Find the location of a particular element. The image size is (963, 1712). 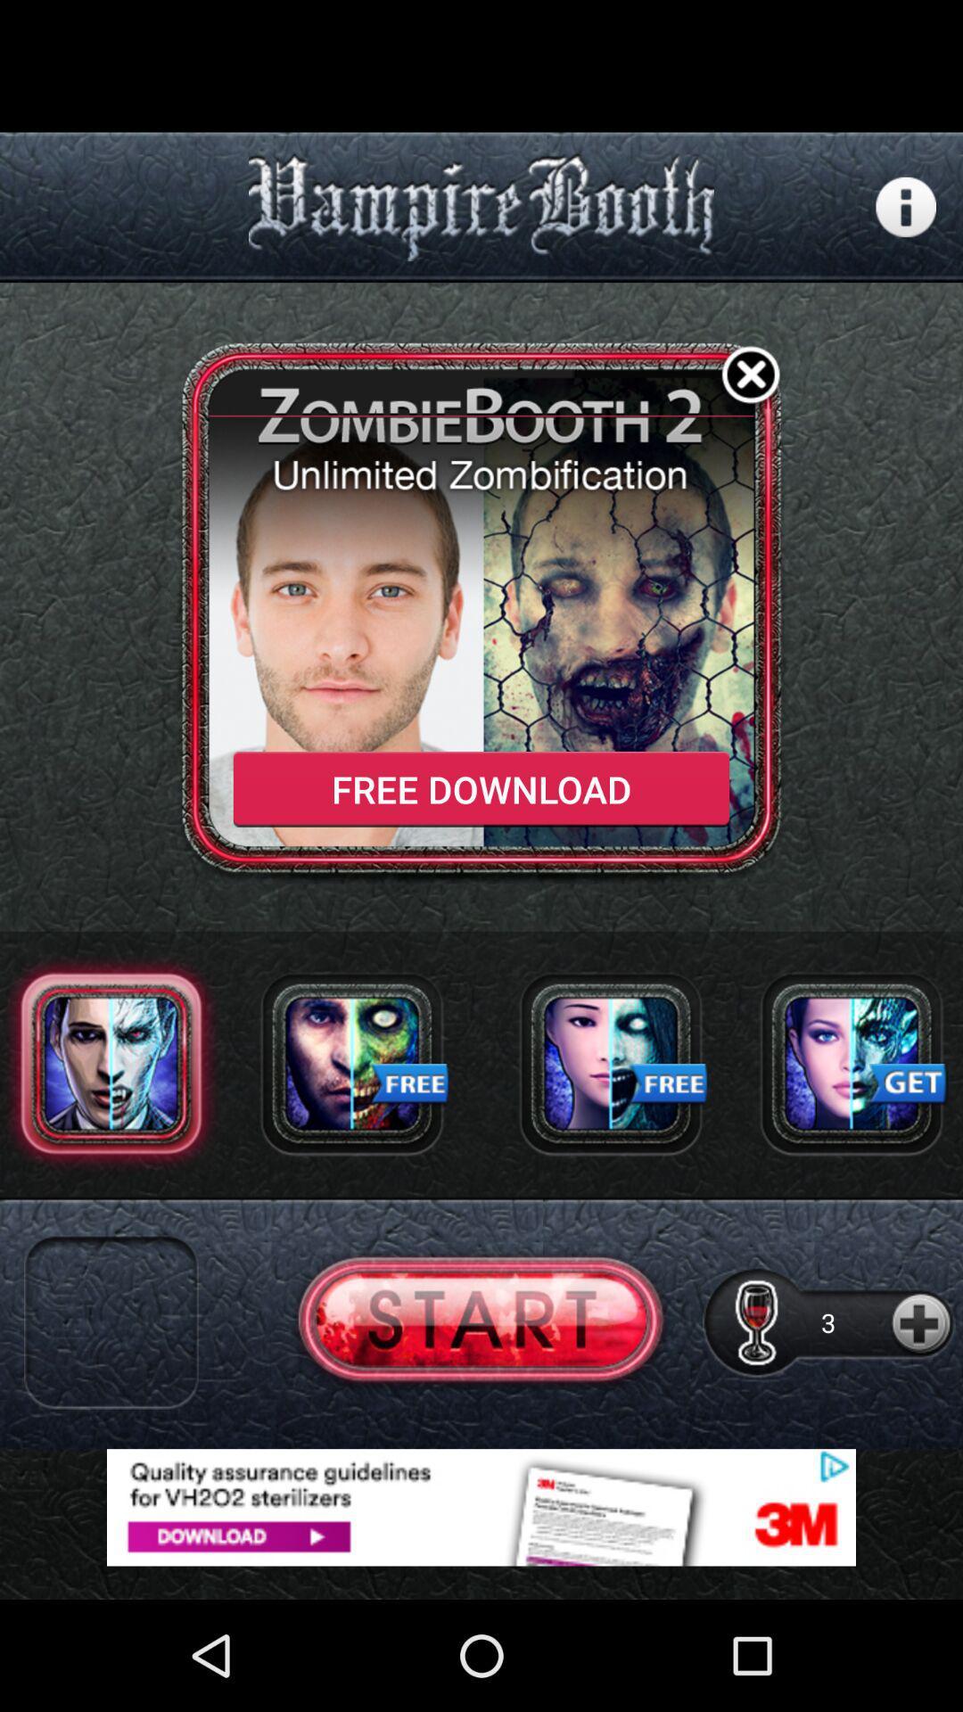

get app open is located at coordinates (851, 1063).